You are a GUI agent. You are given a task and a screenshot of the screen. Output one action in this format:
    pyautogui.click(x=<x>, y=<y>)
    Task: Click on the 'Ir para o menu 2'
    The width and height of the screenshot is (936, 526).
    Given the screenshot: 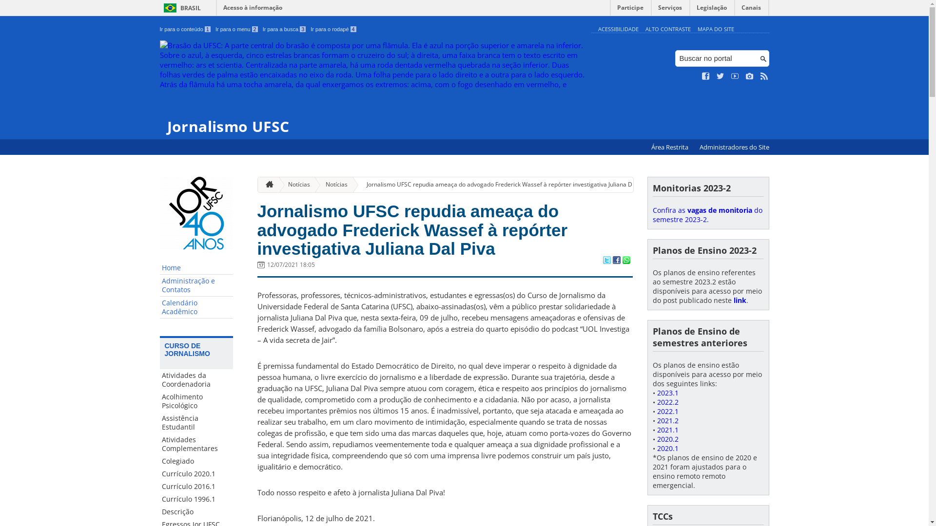 What is the action you would take?
    pyautogui.click(x=236, y=29)
    